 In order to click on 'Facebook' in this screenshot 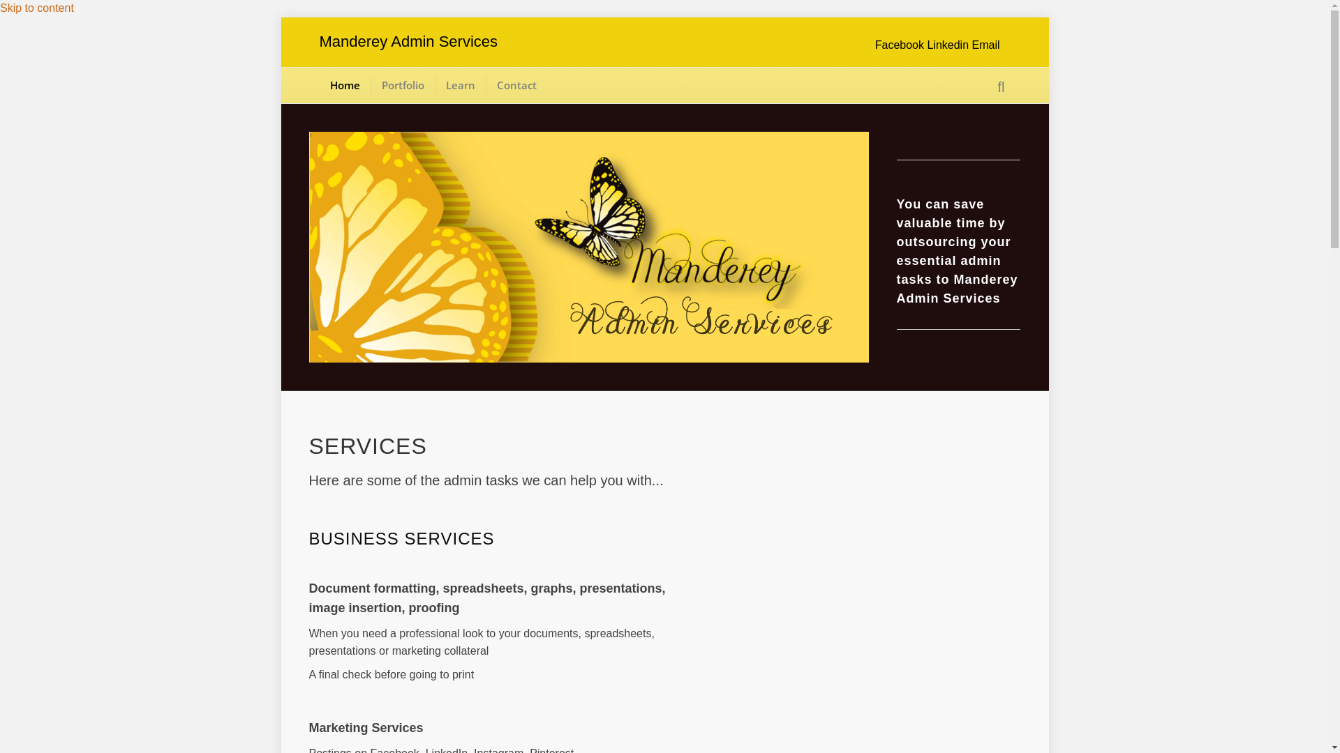, I will do `click(901, 44)`.